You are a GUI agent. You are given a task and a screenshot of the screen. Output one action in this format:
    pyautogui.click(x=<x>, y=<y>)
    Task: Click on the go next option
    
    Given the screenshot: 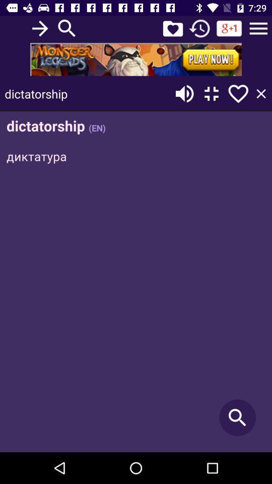 What is the action you would take?
    pyautogui.click(x=39, y=28)
    